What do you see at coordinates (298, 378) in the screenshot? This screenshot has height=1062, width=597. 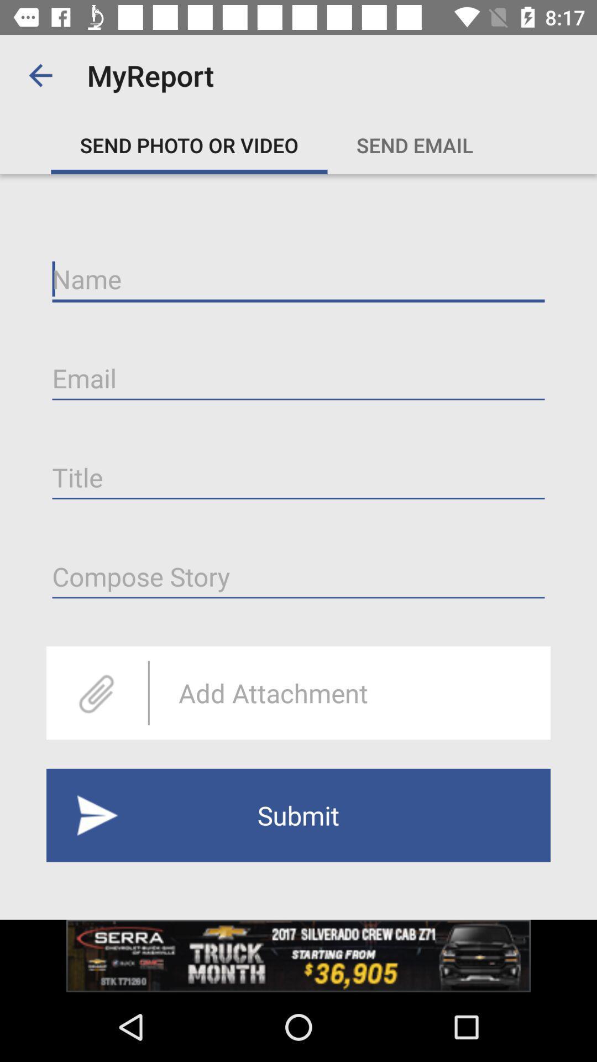 I see `email address` at bounding box center [298, 378].